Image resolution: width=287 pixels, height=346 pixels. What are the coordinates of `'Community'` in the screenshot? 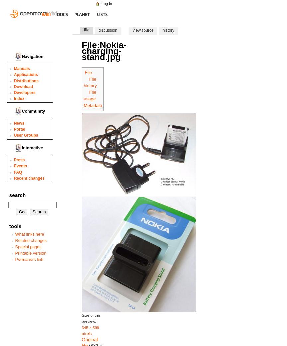 It's located at (33, 111).